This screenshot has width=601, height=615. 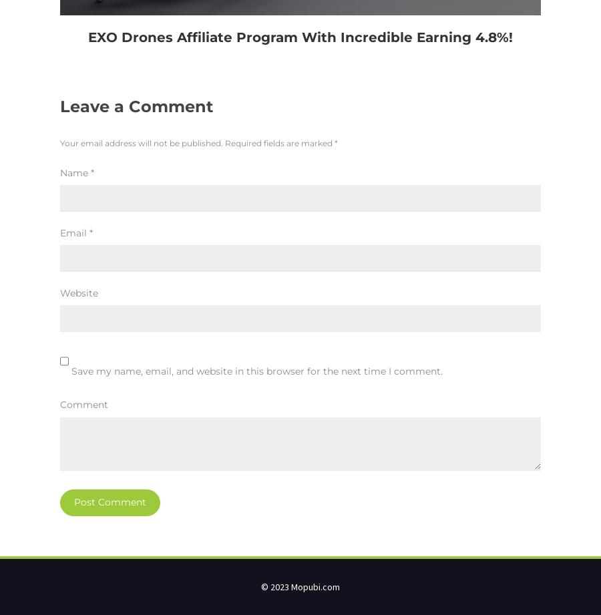 I want to click on 'Leave a Comment', so click(x=136, y=106).